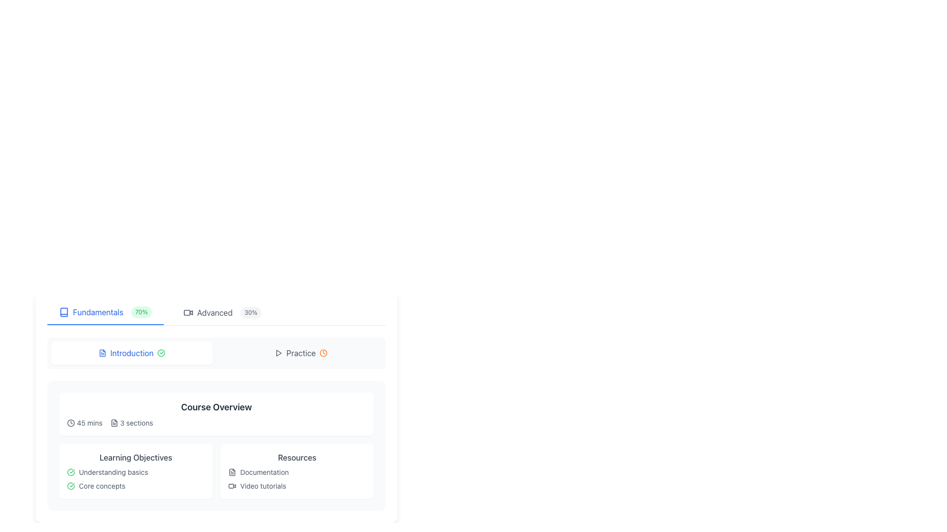 The width and height of the screenshot is (947, 532). What do you see at coordinates (216, 414) in the screenshot?
I see `text on the Informational Card, which provides an overview of the course duration and sections, located in the upper center portion above the 'Learning Objectives' and 'Resources' cards` at bounding box center [216, 414].